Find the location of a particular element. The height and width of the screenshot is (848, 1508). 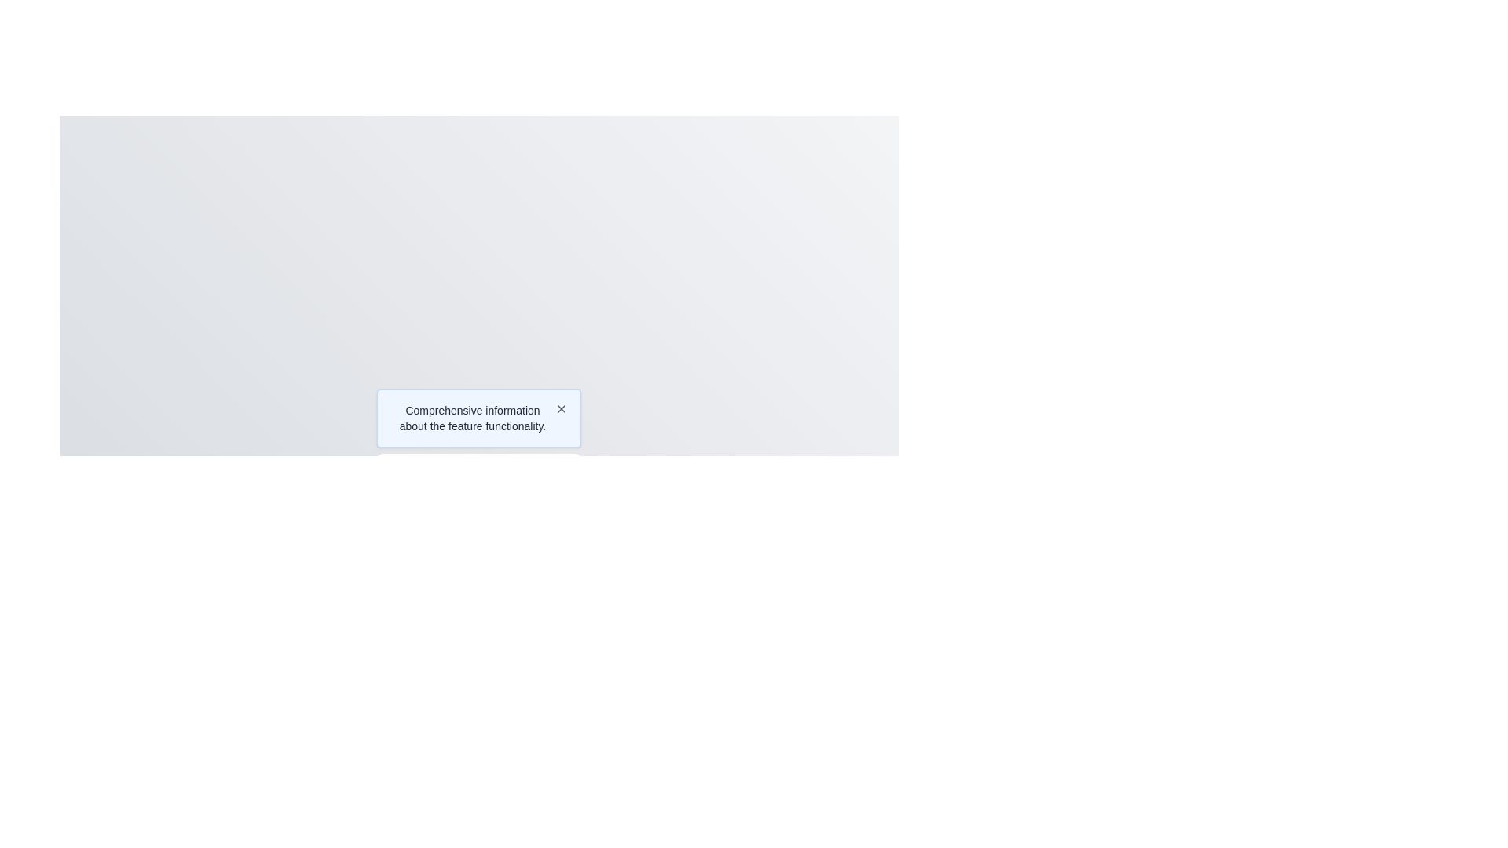

informative text block about the feature's functionality located at the center of the bounding box, which has an interactive icon for additional actions is located at coordinates (478, 417).